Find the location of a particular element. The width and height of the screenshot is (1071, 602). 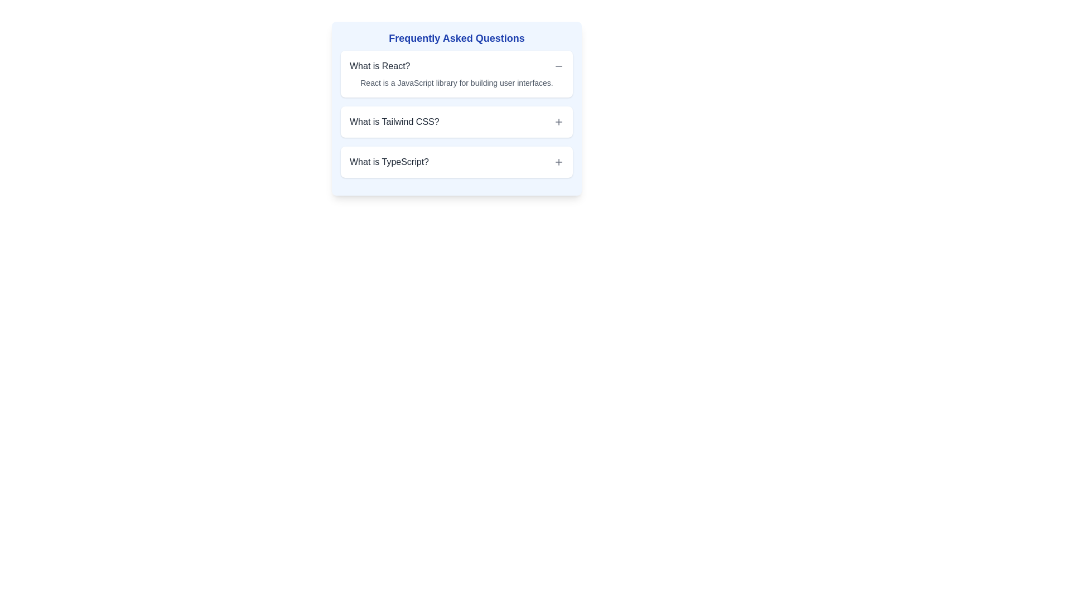

the text label that reads 'What is Tailwind CSS?', which is aligned to the left within a vertical list of frequently asked questions is located at coordinates (394, 122).